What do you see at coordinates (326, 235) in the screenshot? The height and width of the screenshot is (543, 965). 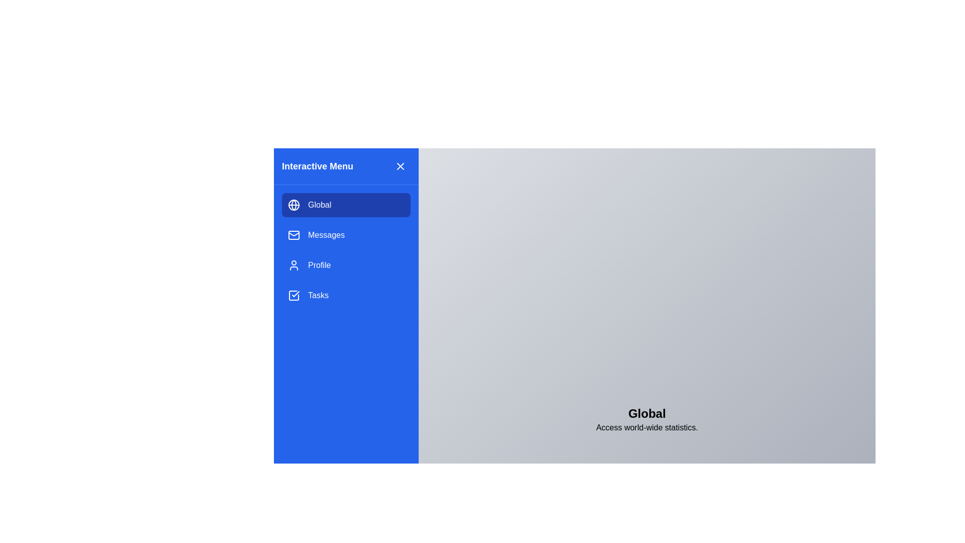 I see `the 'Messages' text label, which is located in the vertical navigation menu between the 'Global' and 'Profile' menu items` at bounding box center [326, 235].